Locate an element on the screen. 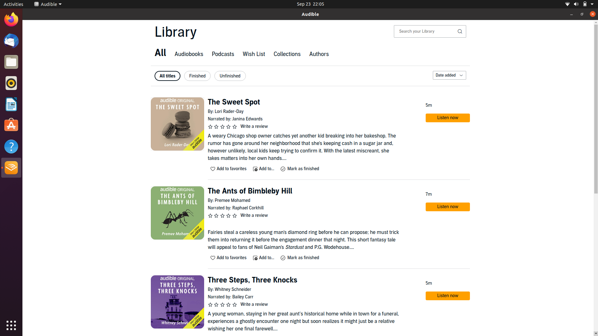 The height and width of the screenshot is (336, 598). "The 7 Habits of Highly Effective People" in the database by typing in the search field is located at coordinates (425, 31).